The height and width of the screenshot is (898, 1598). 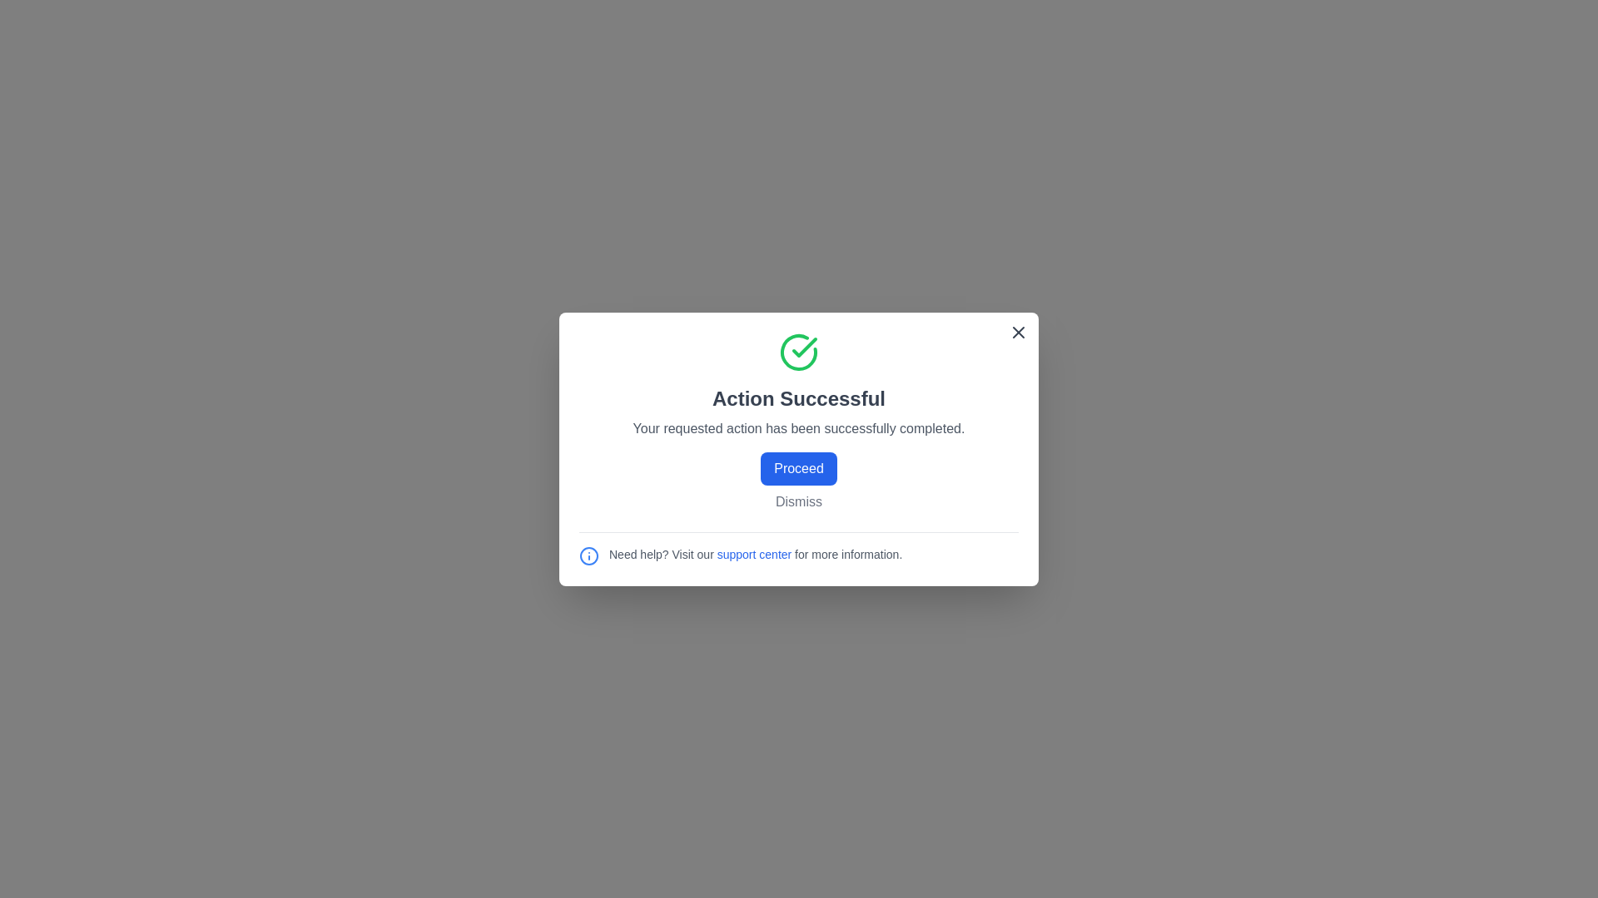 I want to click on the 'support center' hyperlink located at the lower part of the modal window, so click(x=755, y=554).